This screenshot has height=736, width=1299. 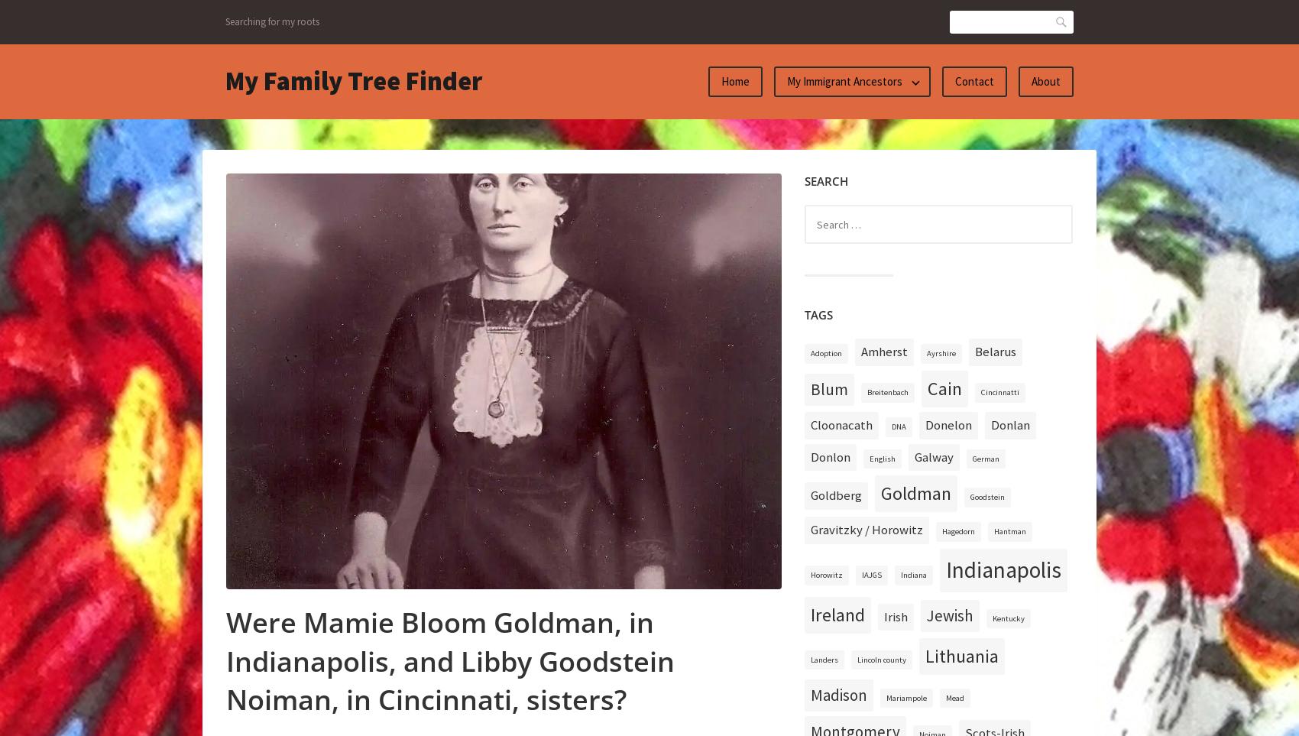 What do you see at coordinates (836, 494) in the screenshot?
I see `'Goldberg'` at bounding box center [836, 494].